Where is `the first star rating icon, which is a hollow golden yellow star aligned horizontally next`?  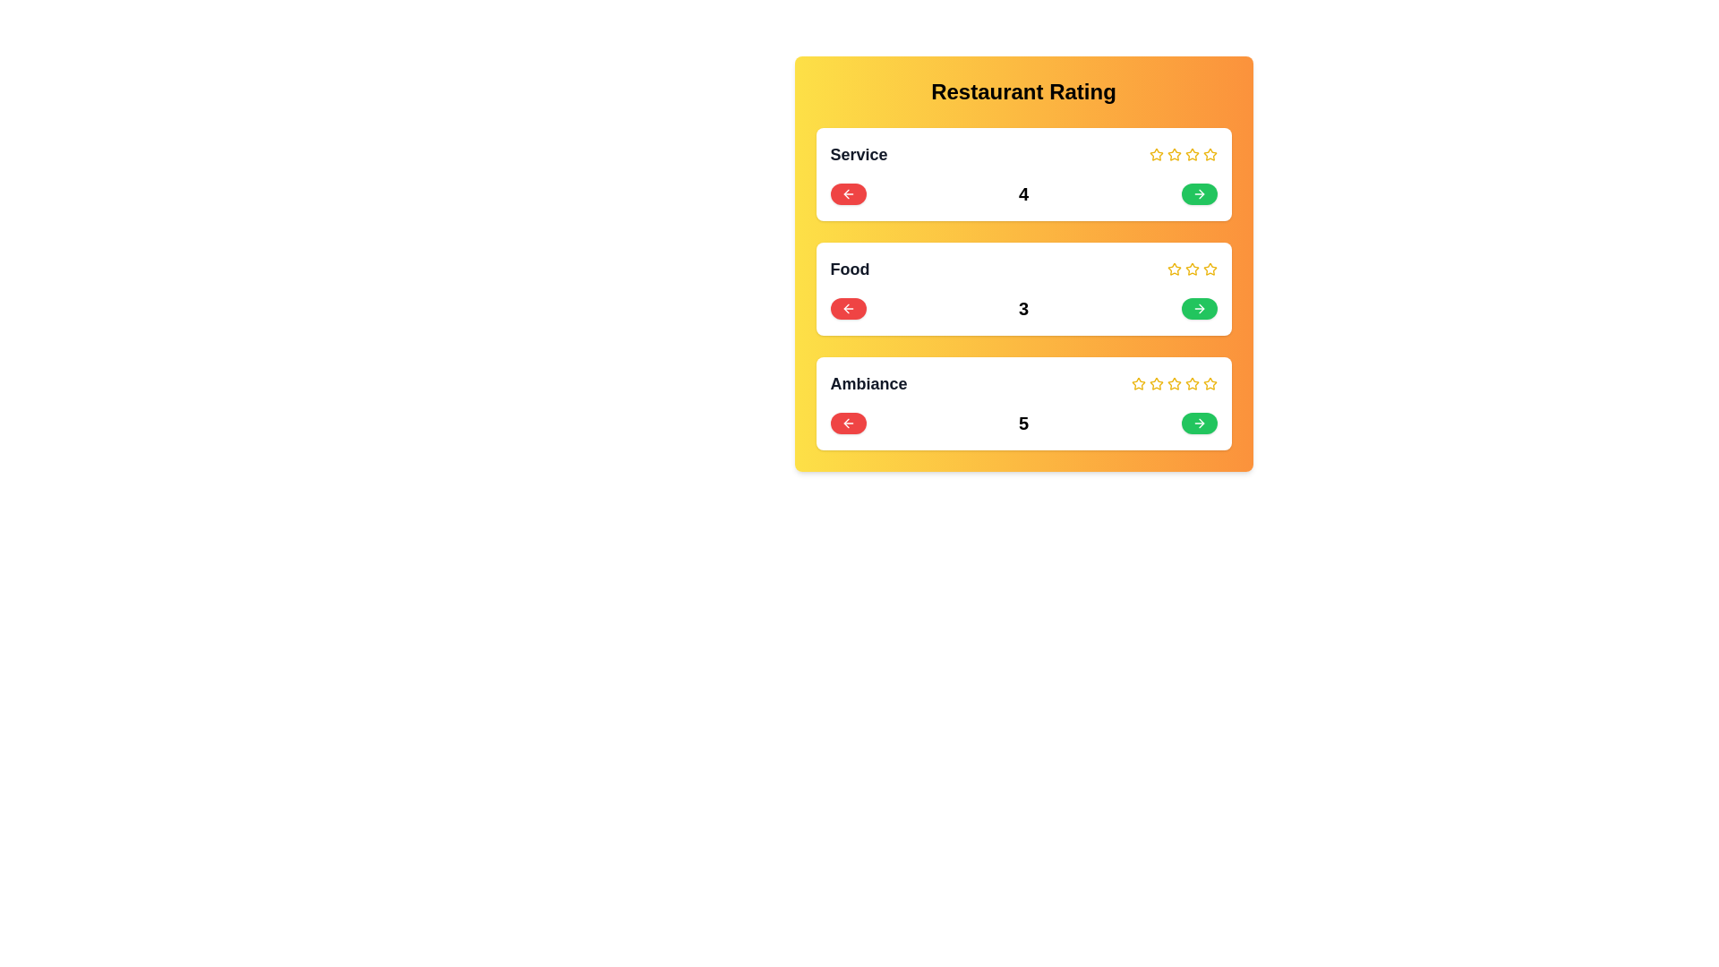
the first star rating icon, which is a hollow golden yellow star aligned horizontally next is located at coordinates (1174, 269).